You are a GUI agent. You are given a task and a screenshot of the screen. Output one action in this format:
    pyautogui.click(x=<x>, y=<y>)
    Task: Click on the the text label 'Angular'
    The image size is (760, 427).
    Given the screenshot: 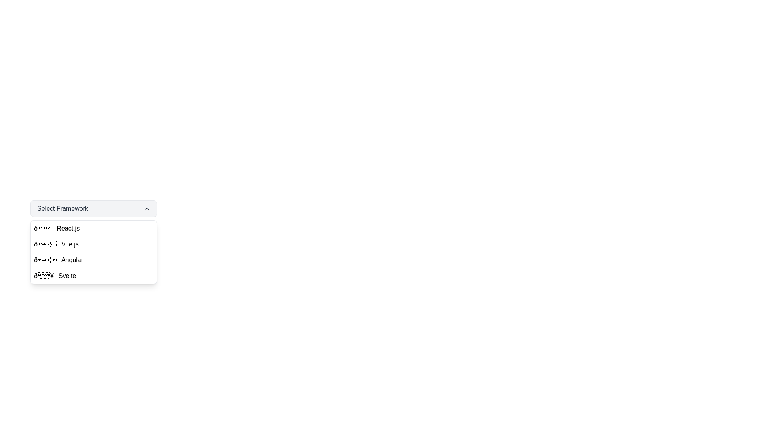 What is the action you would take?
    pyautogui.click(x=72, y=260)
    